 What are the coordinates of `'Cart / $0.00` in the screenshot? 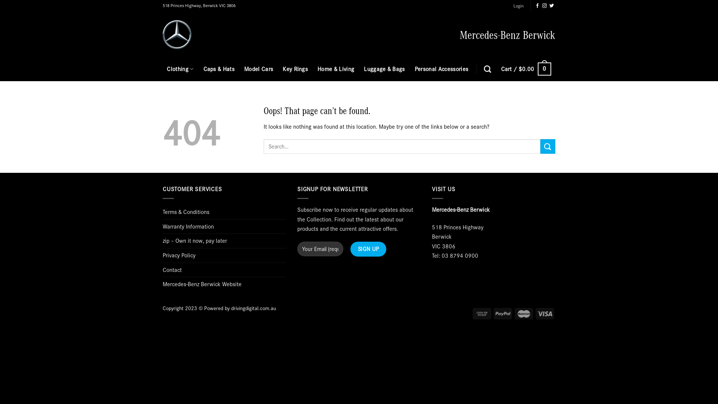 It's located at (501, 69).